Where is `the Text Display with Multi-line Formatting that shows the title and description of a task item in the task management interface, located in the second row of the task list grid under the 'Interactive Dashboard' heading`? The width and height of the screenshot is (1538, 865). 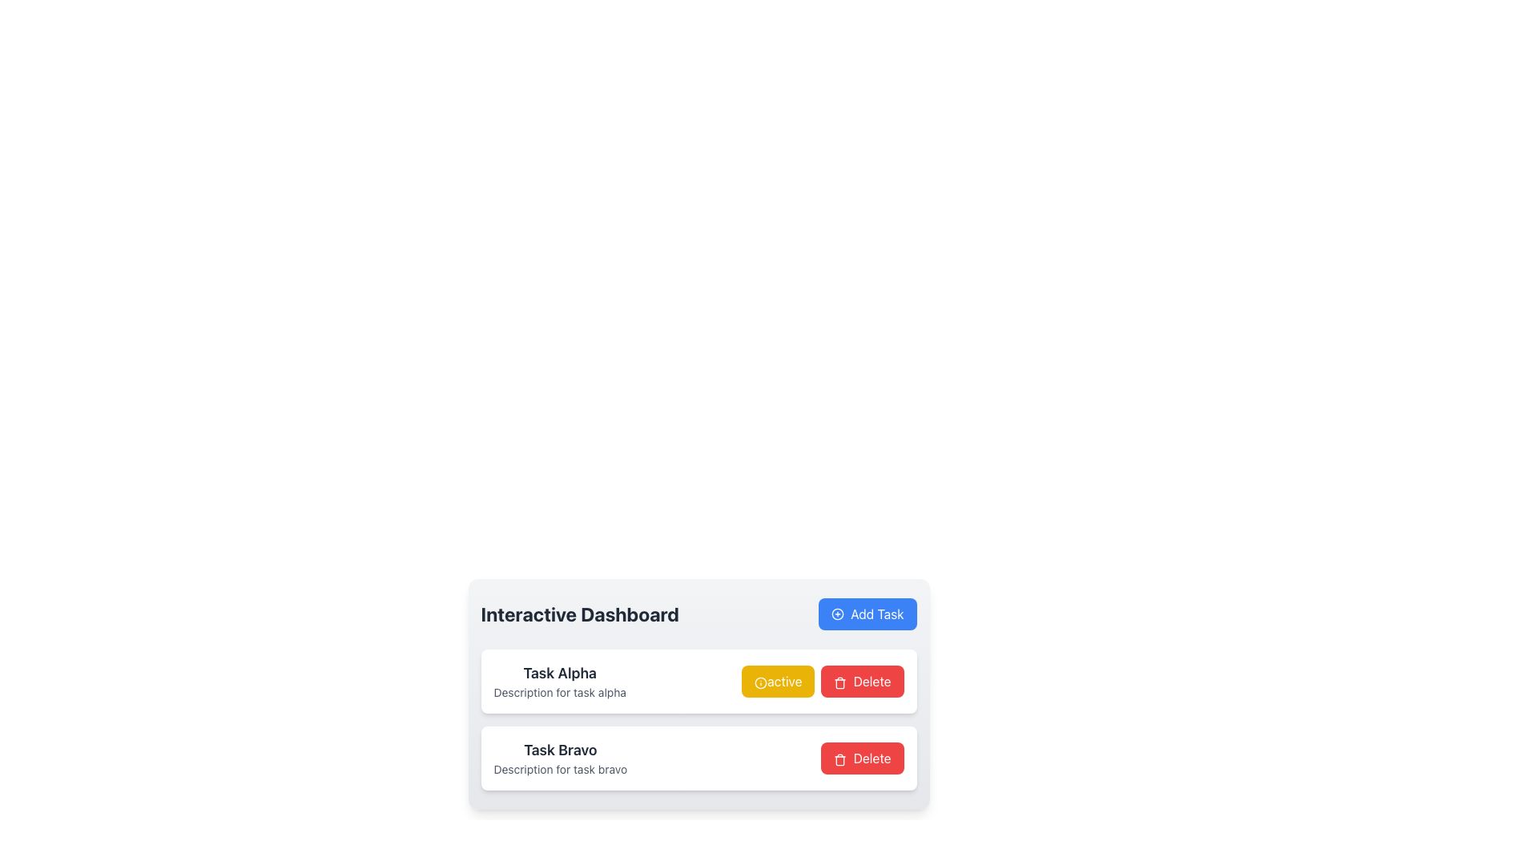 the Text Display with Multi-line Formatting that shows the title and description of a task item in the task management interface, located in the second row of the task list grid under the 'Interactive Dashboard' heading is located at coordinates (560, 758).